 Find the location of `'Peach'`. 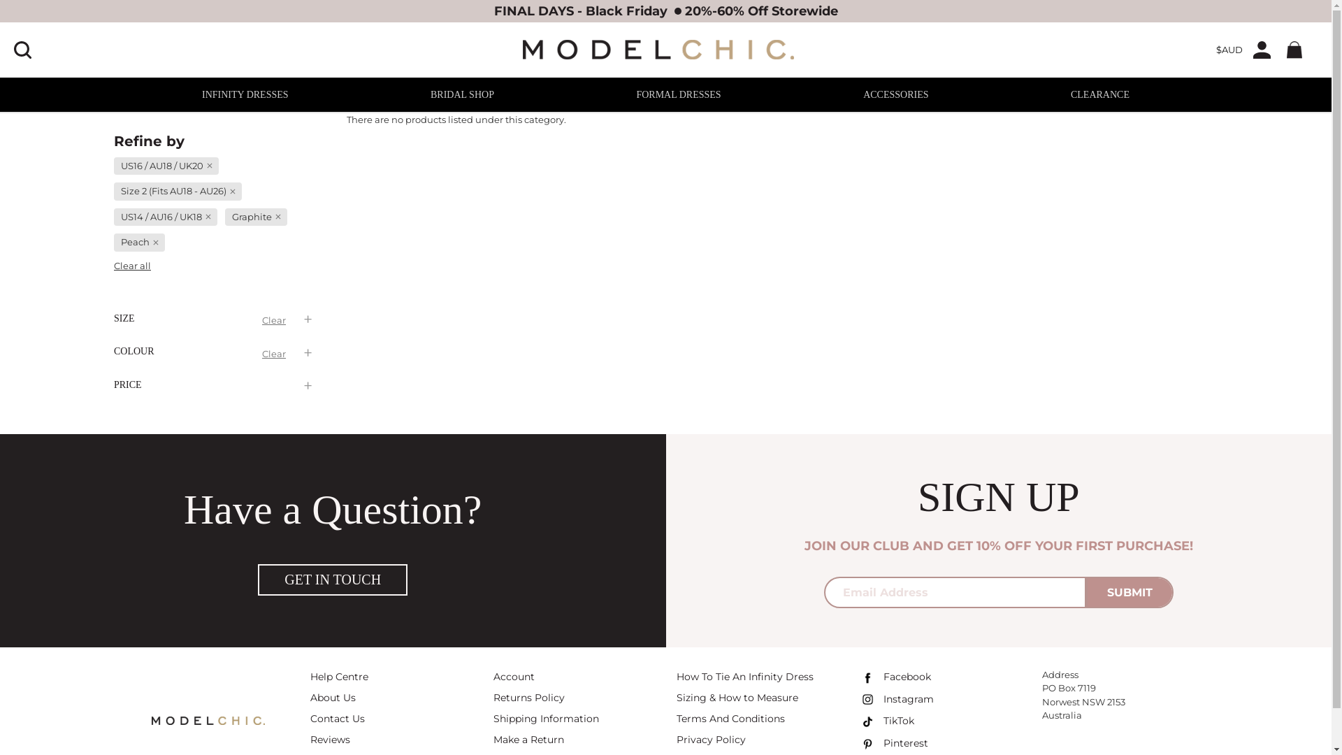

'Peach' is located at coordinates (139, 242).